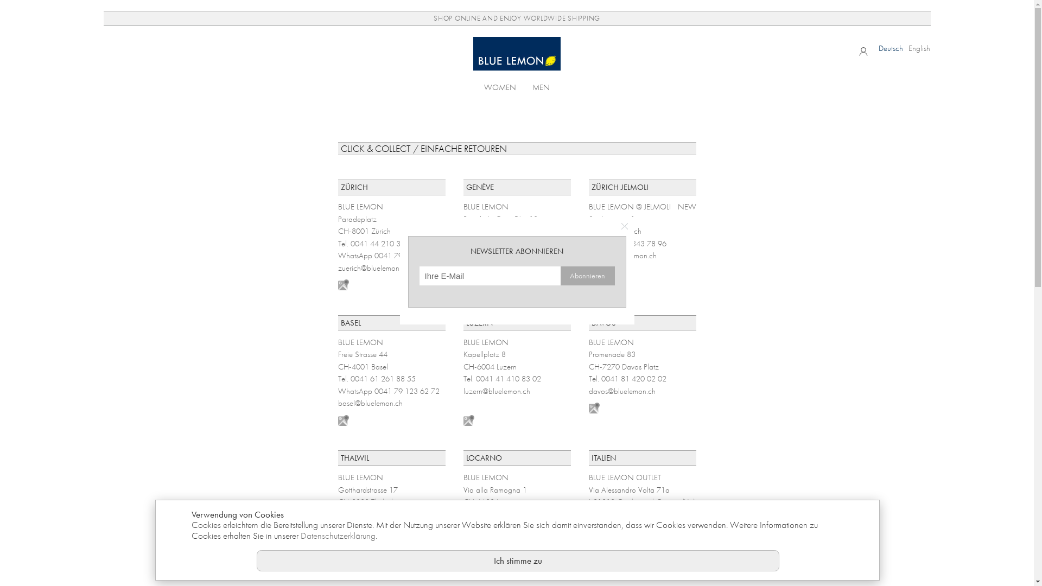 The image size is (1042, 586). What do you see at coordinates (499, 525) in the screenshot?
I see `'locarno@bluelemon.ch'` at bounding box center [499, 525].